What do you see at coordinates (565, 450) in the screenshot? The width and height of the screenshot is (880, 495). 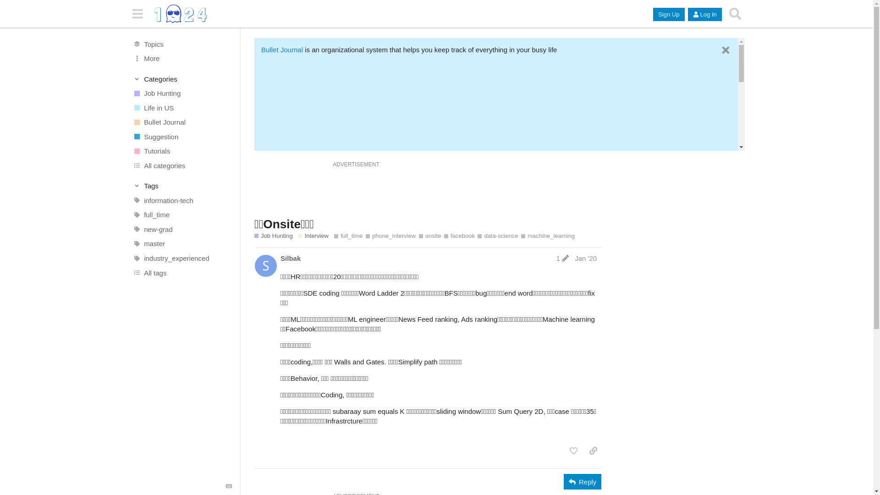 I see `'like this post'` at bounding box center [565, 450].